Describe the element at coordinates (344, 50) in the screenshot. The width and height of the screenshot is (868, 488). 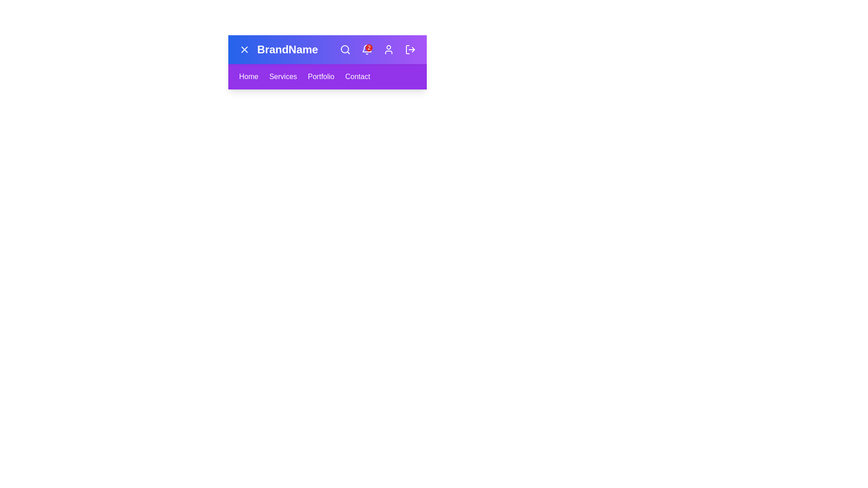
I see `the magnifying glass icon located in the top-right section of the navigation bar to interact with the search functionality` at that location.